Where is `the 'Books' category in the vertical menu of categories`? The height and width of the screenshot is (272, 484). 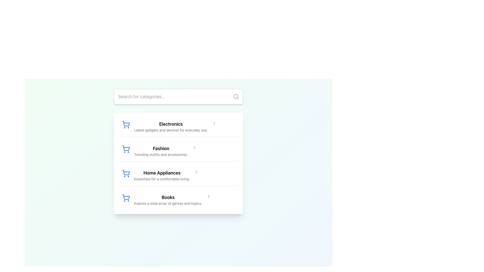
the 'Books' category in the vertical menu of categories is located at coordinates (168, 200).